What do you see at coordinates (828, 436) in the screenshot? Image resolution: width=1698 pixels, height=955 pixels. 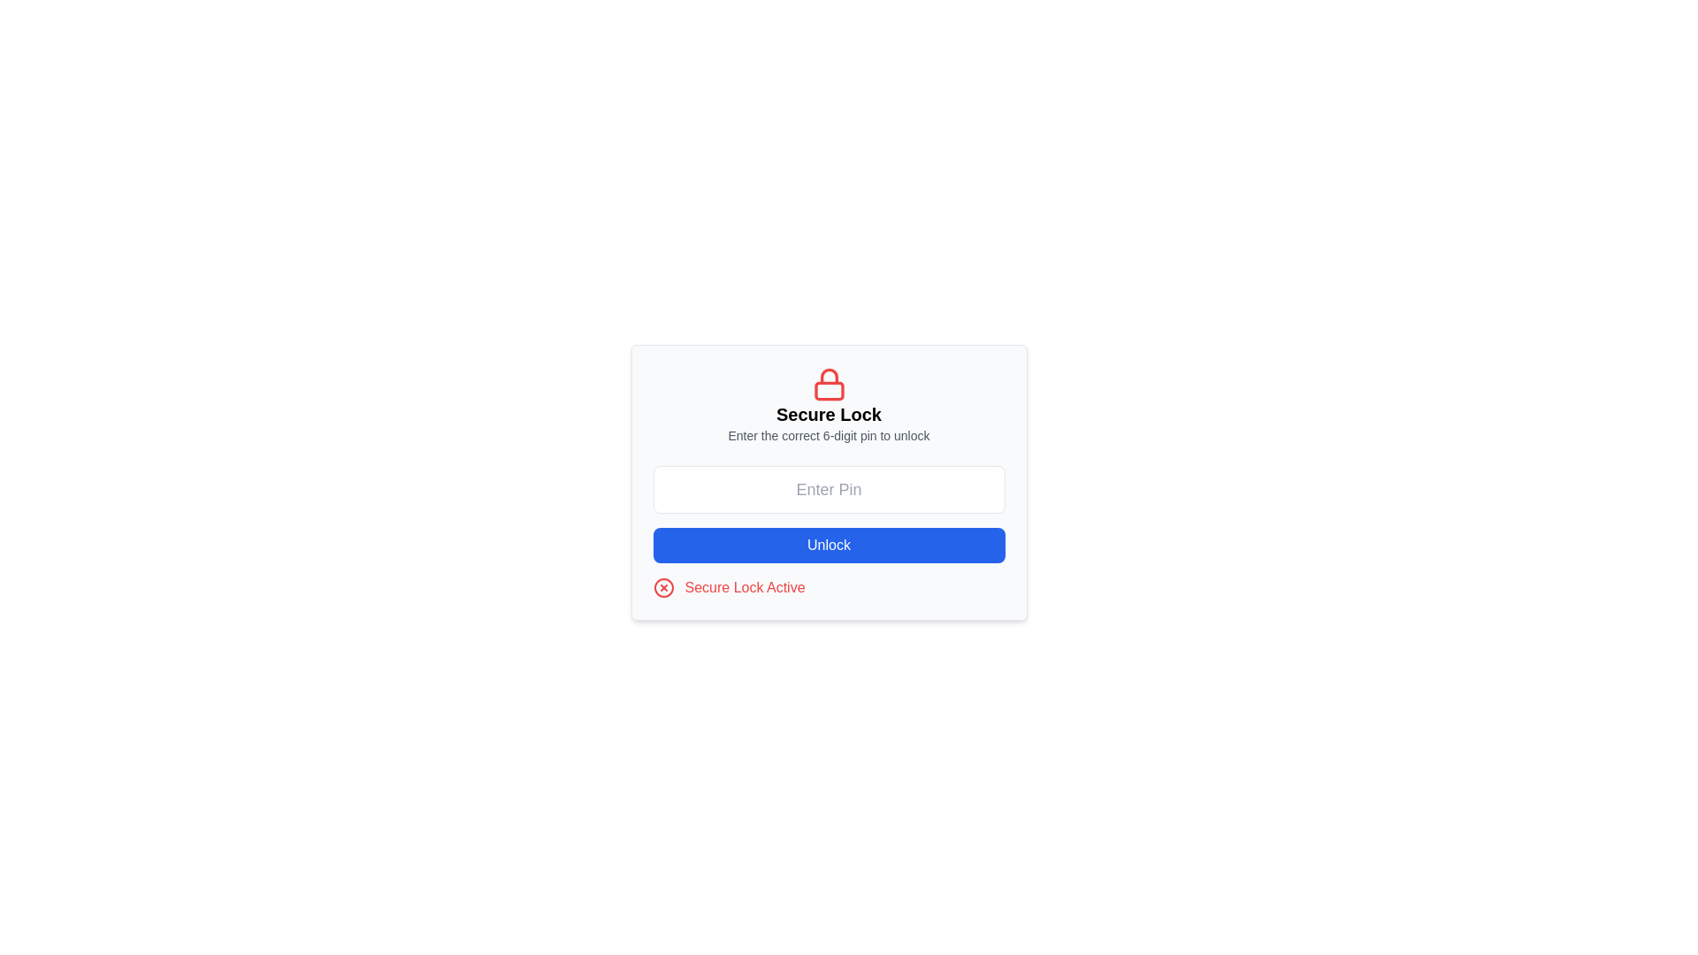 I see `the text label that provides instructions for entering a six-digit pin, located in the middle of the interface layout` at bounding box center [828, 436].